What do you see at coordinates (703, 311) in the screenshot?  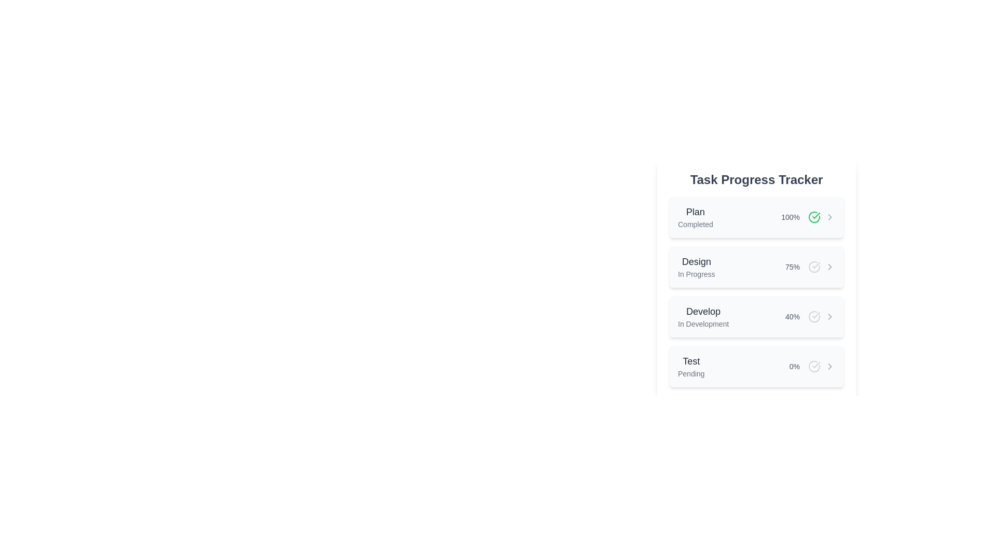 I see `the 'Develop' task state label in the 'Task Progress Tracker' section, which is positioned above the 'In Development' subtext` at bounding box center [703, 311].